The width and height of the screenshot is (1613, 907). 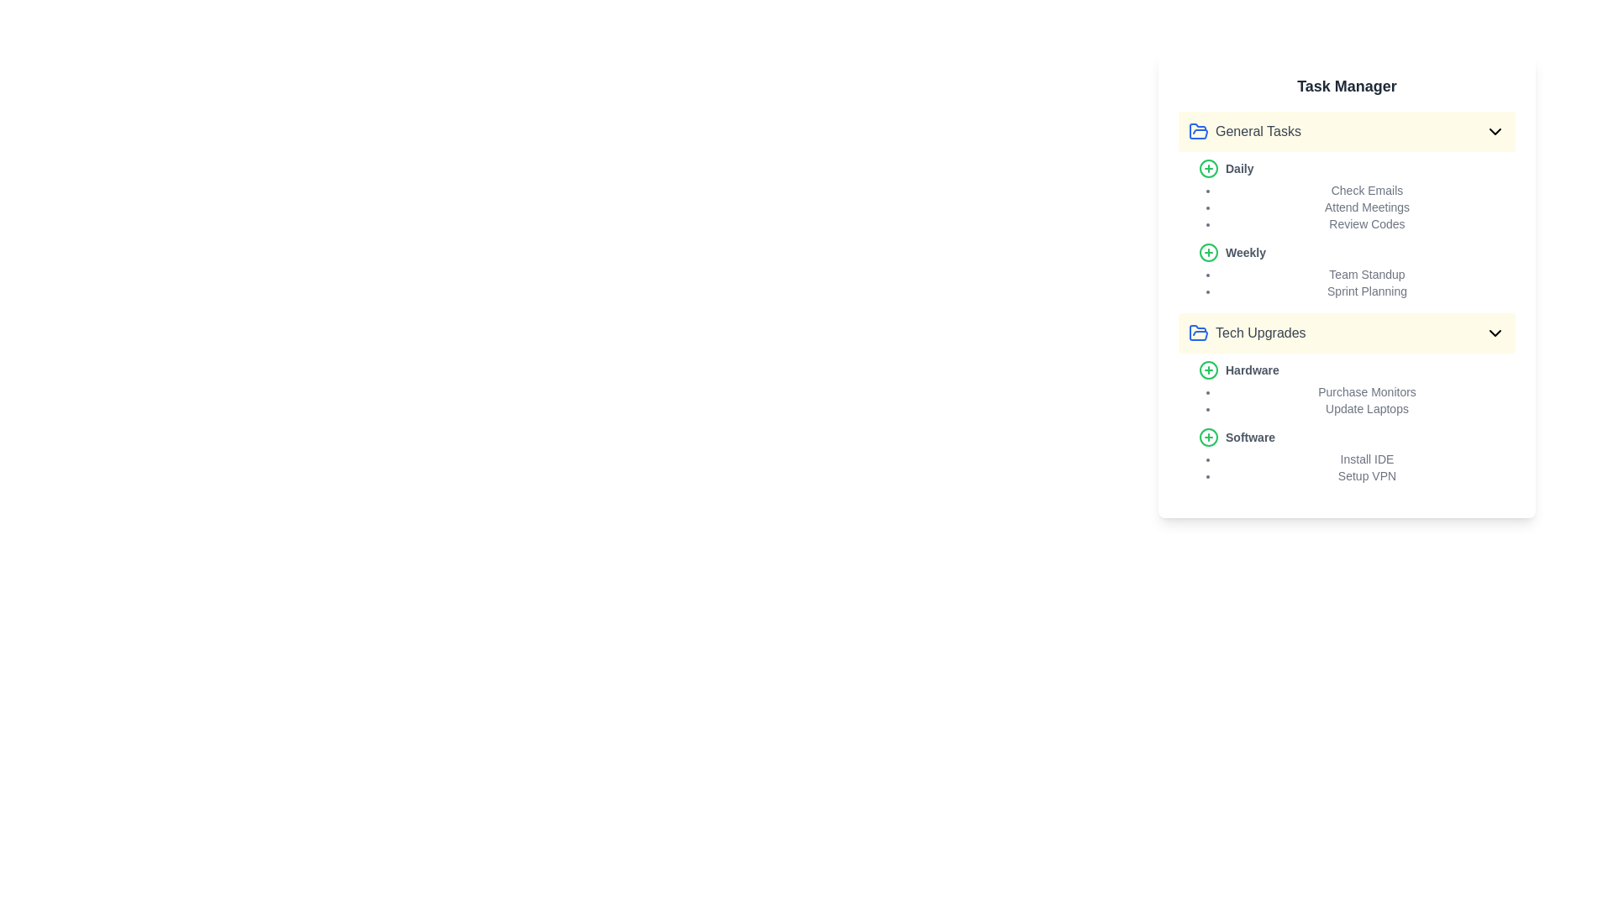 I want to click on the Header with Icon that categorizes tasks under 'General Tasks', located in the upper left portion of the yellow-highlighted section of the task manager panel, so click(x=1245, y=131).